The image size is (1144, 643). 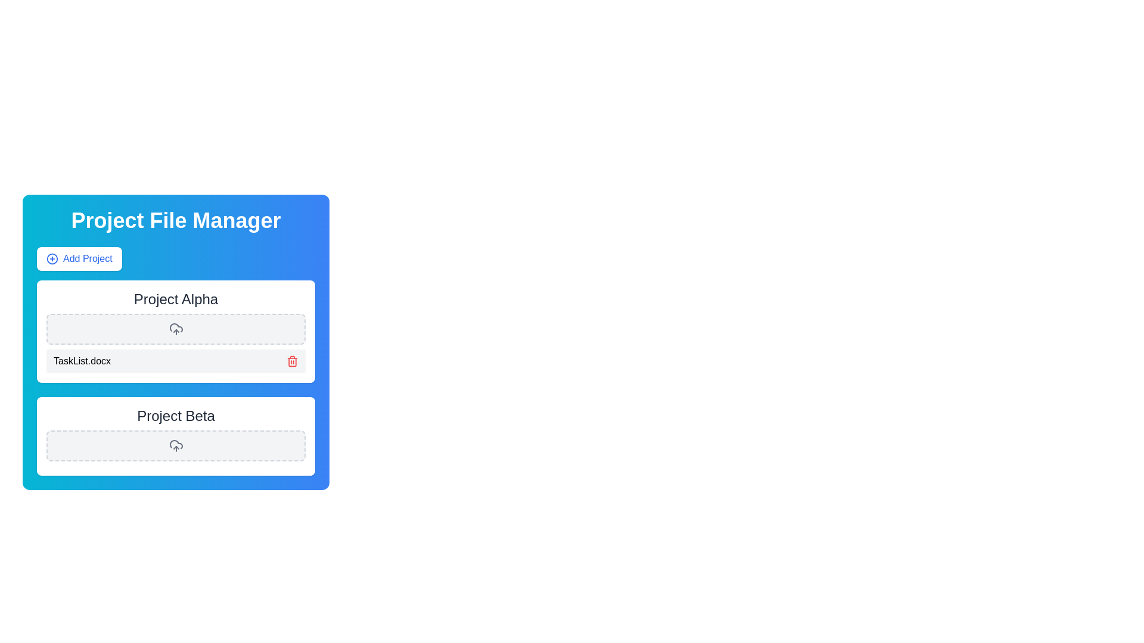 I want to click on the cloud upload icon, which features smooth curves and an upward arrow, located in the bottom-left segment of the larger icon, so click(x=175, y=327).